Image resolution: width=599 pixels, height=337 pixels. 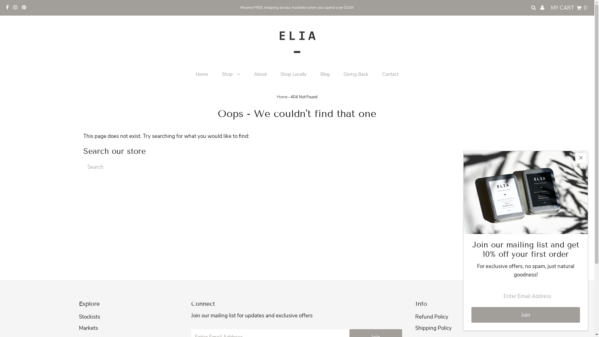 What do you see at coordinates (78, 328) in the screenshot?
I see `'Markets'` at bounding box center [78, 328].